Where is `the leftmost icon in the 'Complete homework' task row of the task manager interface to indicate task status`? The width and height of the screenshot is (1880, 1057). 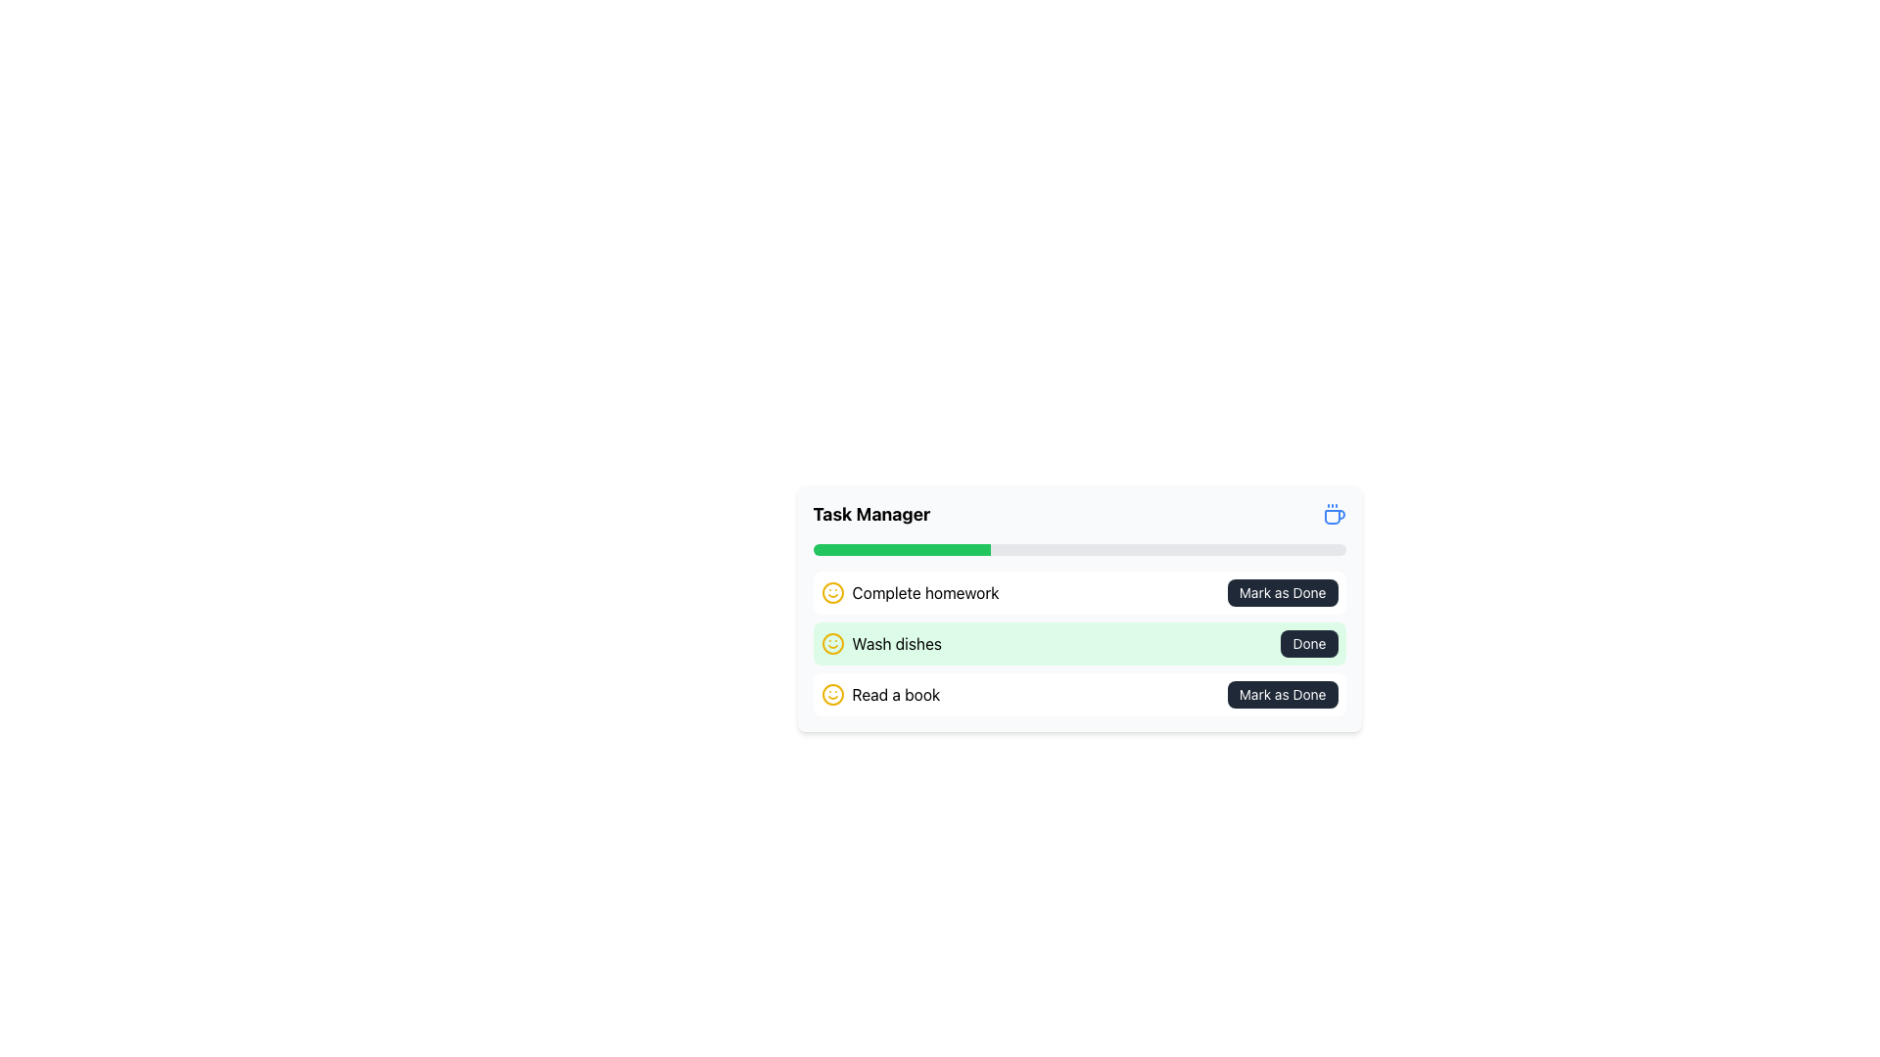
the leftmost icon in the 'Complete homework' task row of the task manager interface to indicate task status is located at coordinates (832, 591).